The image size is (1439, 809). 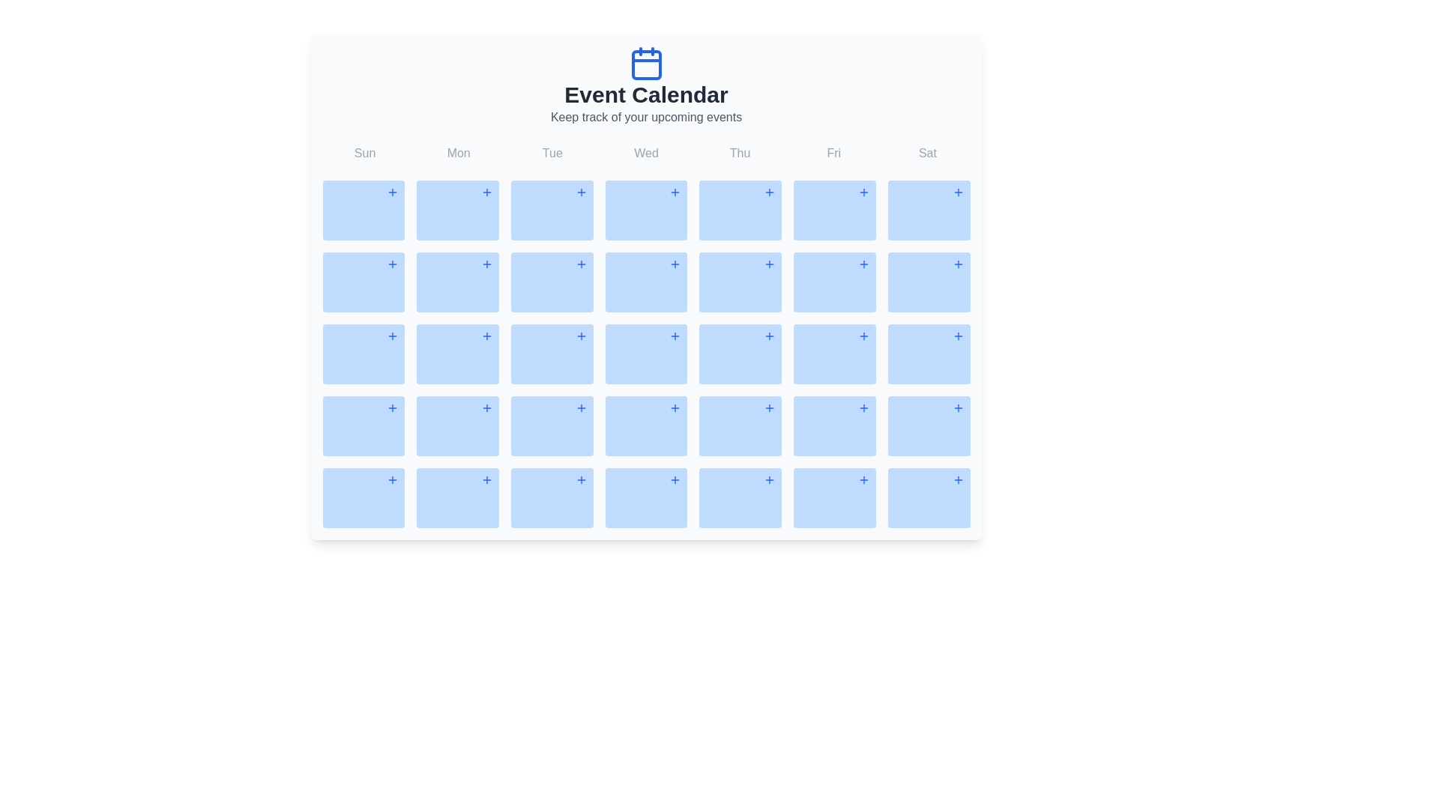 I want to click on the button located in the top-right corner of the calendar day cell under Saturday, so click(x=957, y=192).